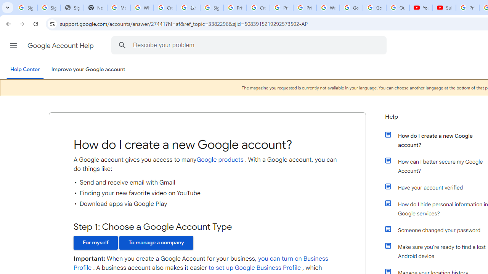  I want to click on 'you can turn on Business Profile', so click(201, 263).